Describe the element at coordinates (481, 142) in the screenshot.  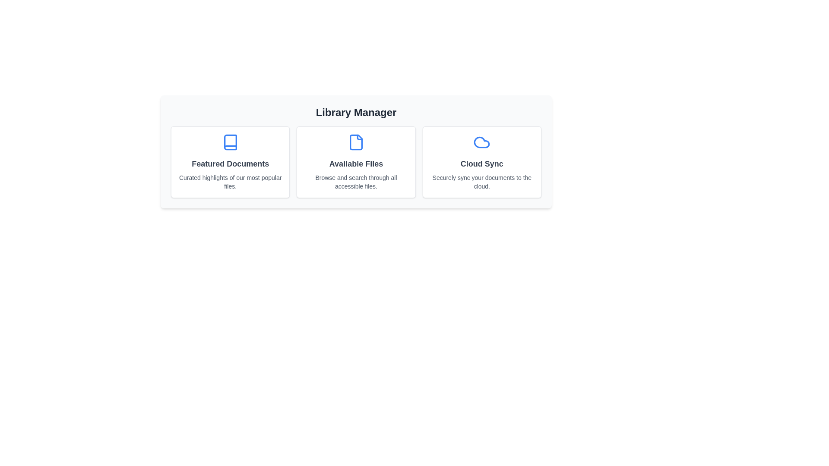
I see `the icon representing Cloud Sync` at that location.